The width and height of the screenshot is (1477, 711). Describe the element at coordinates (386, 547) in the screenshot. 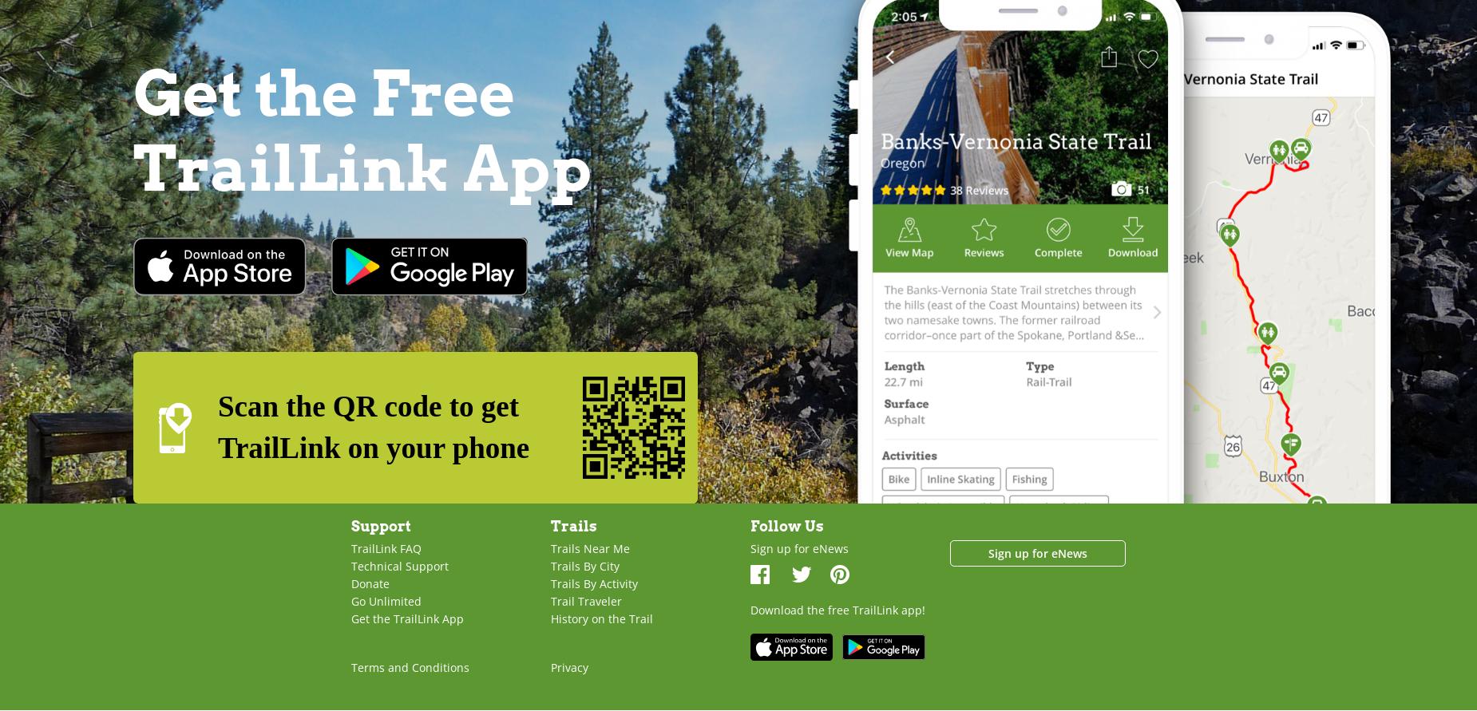

I see `'TrailLink FAQ'` at that location.